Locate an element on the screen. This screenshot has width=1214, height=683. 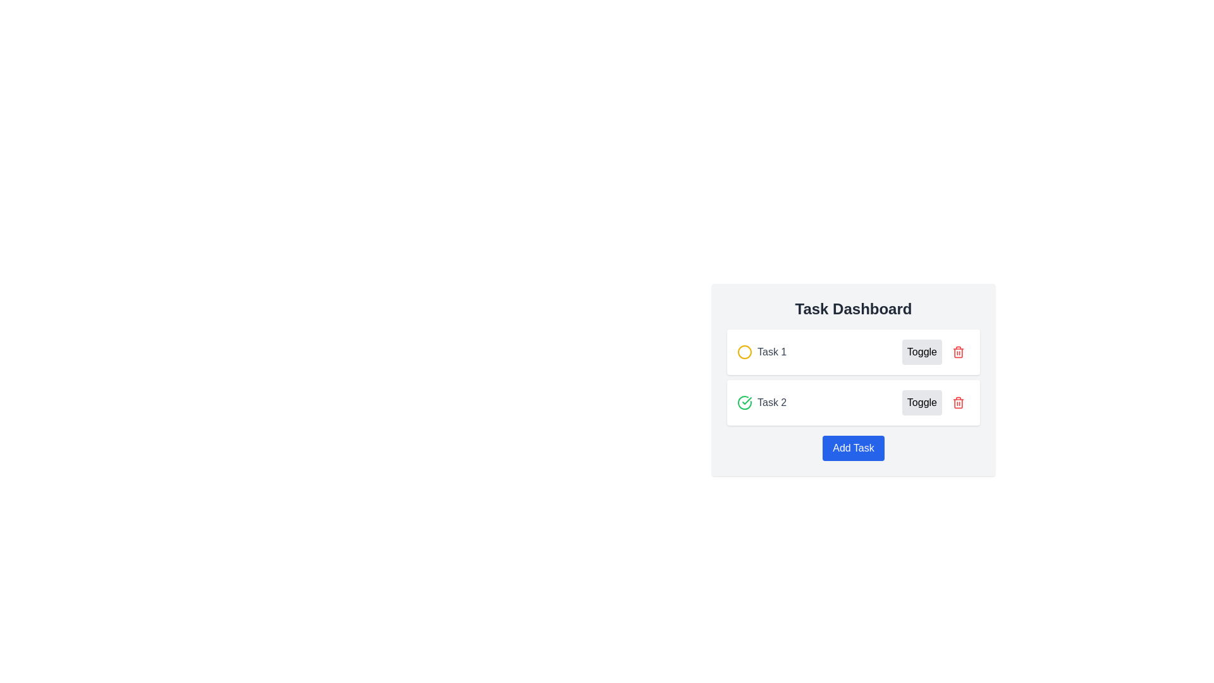
the green checkmark SVG element that indicates the completion status of Task 2 in the task dashboard panel is located at coordinates (747, 400).